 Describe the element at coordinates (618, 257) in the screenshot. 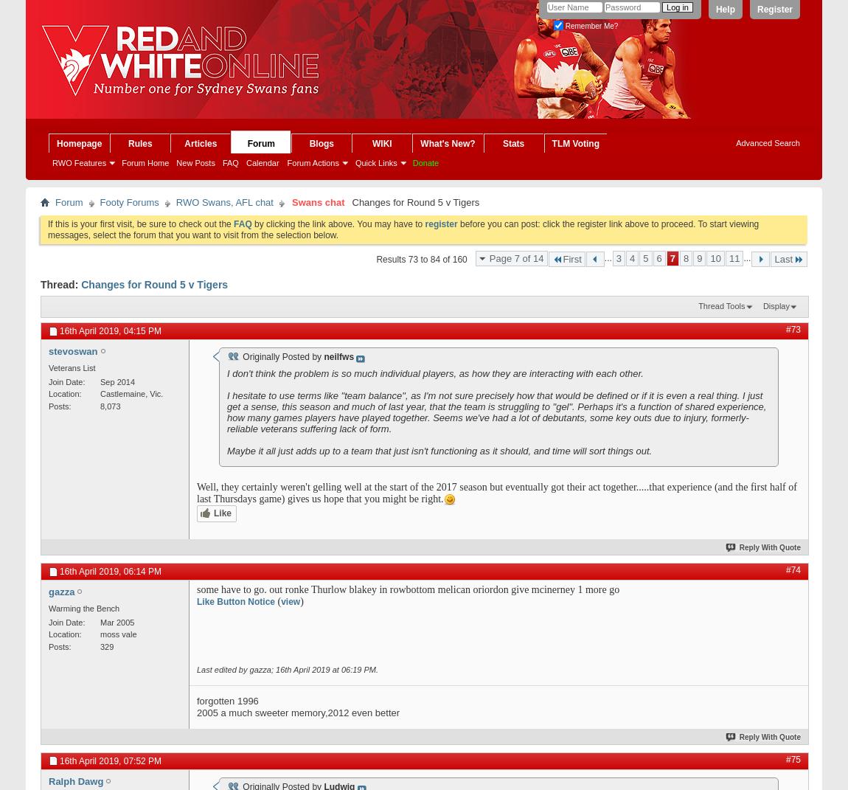

I see `'3'` at that location.